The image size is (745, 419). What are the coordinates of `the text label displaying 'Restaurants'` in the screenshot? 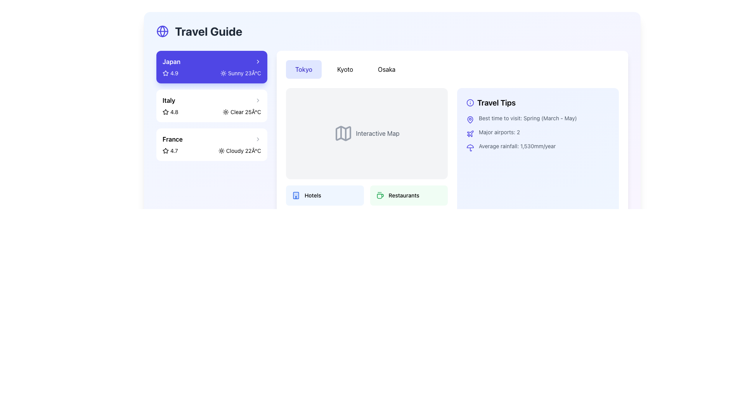 It's located at (404, 195).